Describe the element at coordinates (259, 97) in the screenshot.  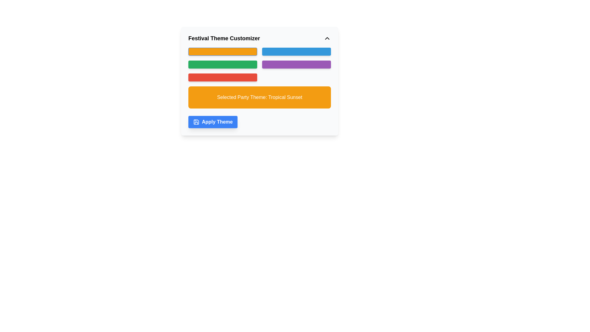
I see `the informational Text Label displaying the currently selected party theme 'Tropical Sunset', which is centered within an orange rounded rectangle background` at that location.